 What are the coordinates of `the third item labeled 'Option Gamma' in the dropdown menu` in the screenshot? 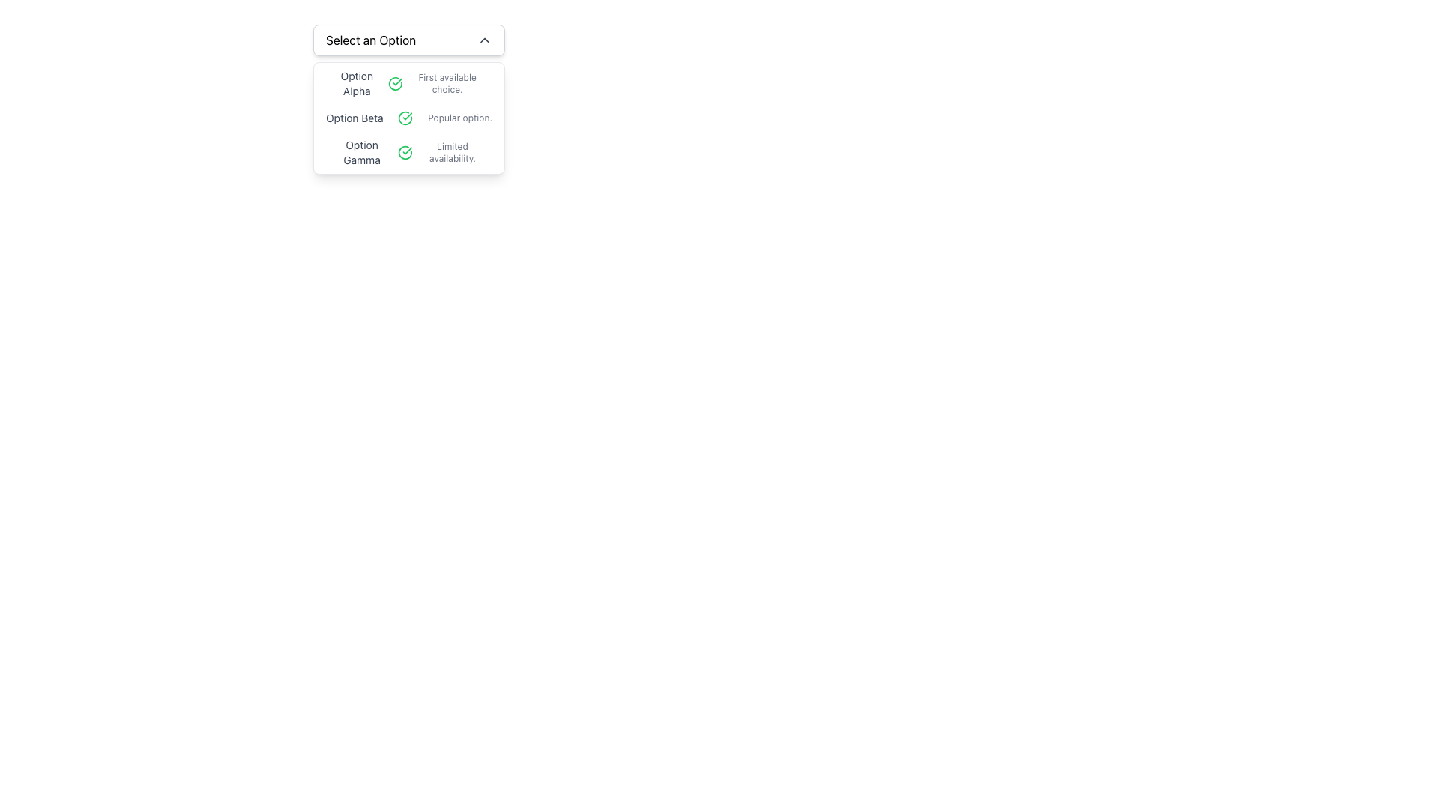 It's located at (409, 153).